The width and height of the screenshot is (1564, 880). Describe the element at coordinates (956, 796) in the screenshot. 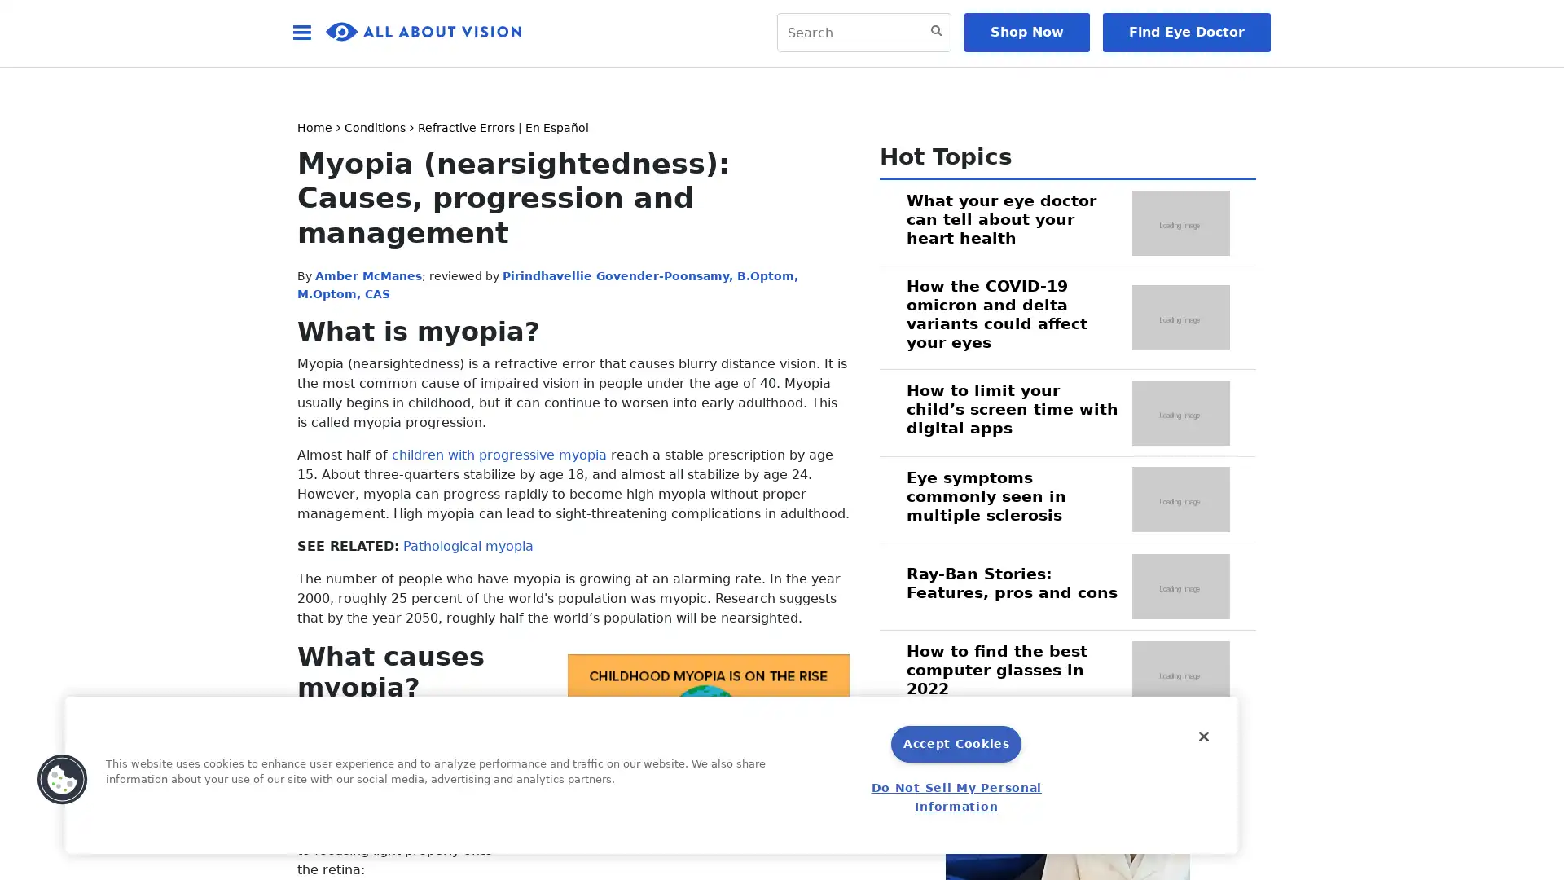

I see `Do Not Sell My Personal Information` at that location.